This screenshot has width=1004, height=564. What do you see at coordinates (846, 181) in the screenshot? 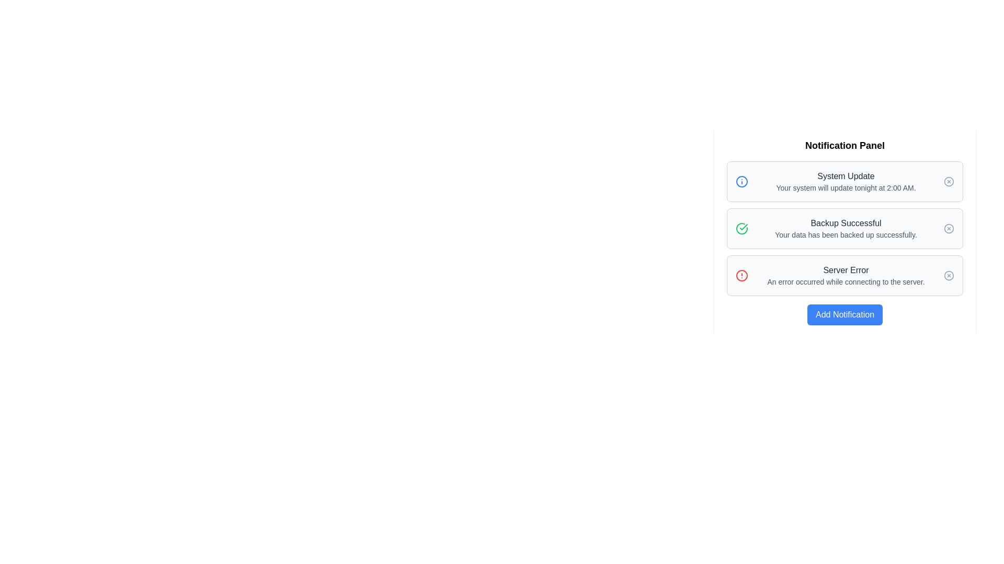
I see `text displayed in the 'System Update' notification, which shows 'System Update' in bold and 'Your system will update tonight at 2:00 AM.' in smaller text` at bounding box center [846, 181].